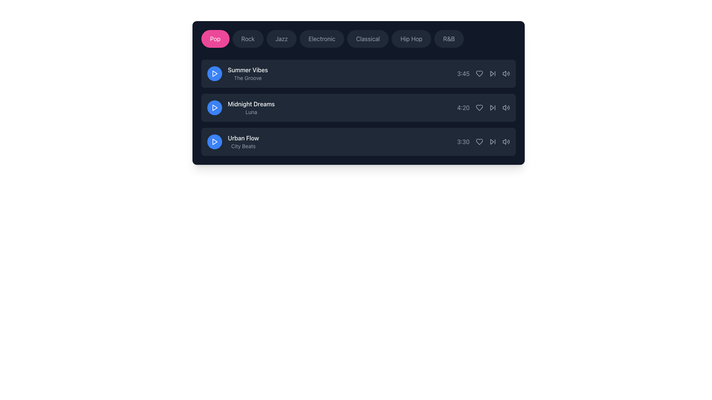 The width and height of the screenshot is (712, 400). What do you see at coordinates (479, 74) in the screenshot?
I see `the 'like' icon located at the far-right end of the first song entry` at bounding box center [479, 74].